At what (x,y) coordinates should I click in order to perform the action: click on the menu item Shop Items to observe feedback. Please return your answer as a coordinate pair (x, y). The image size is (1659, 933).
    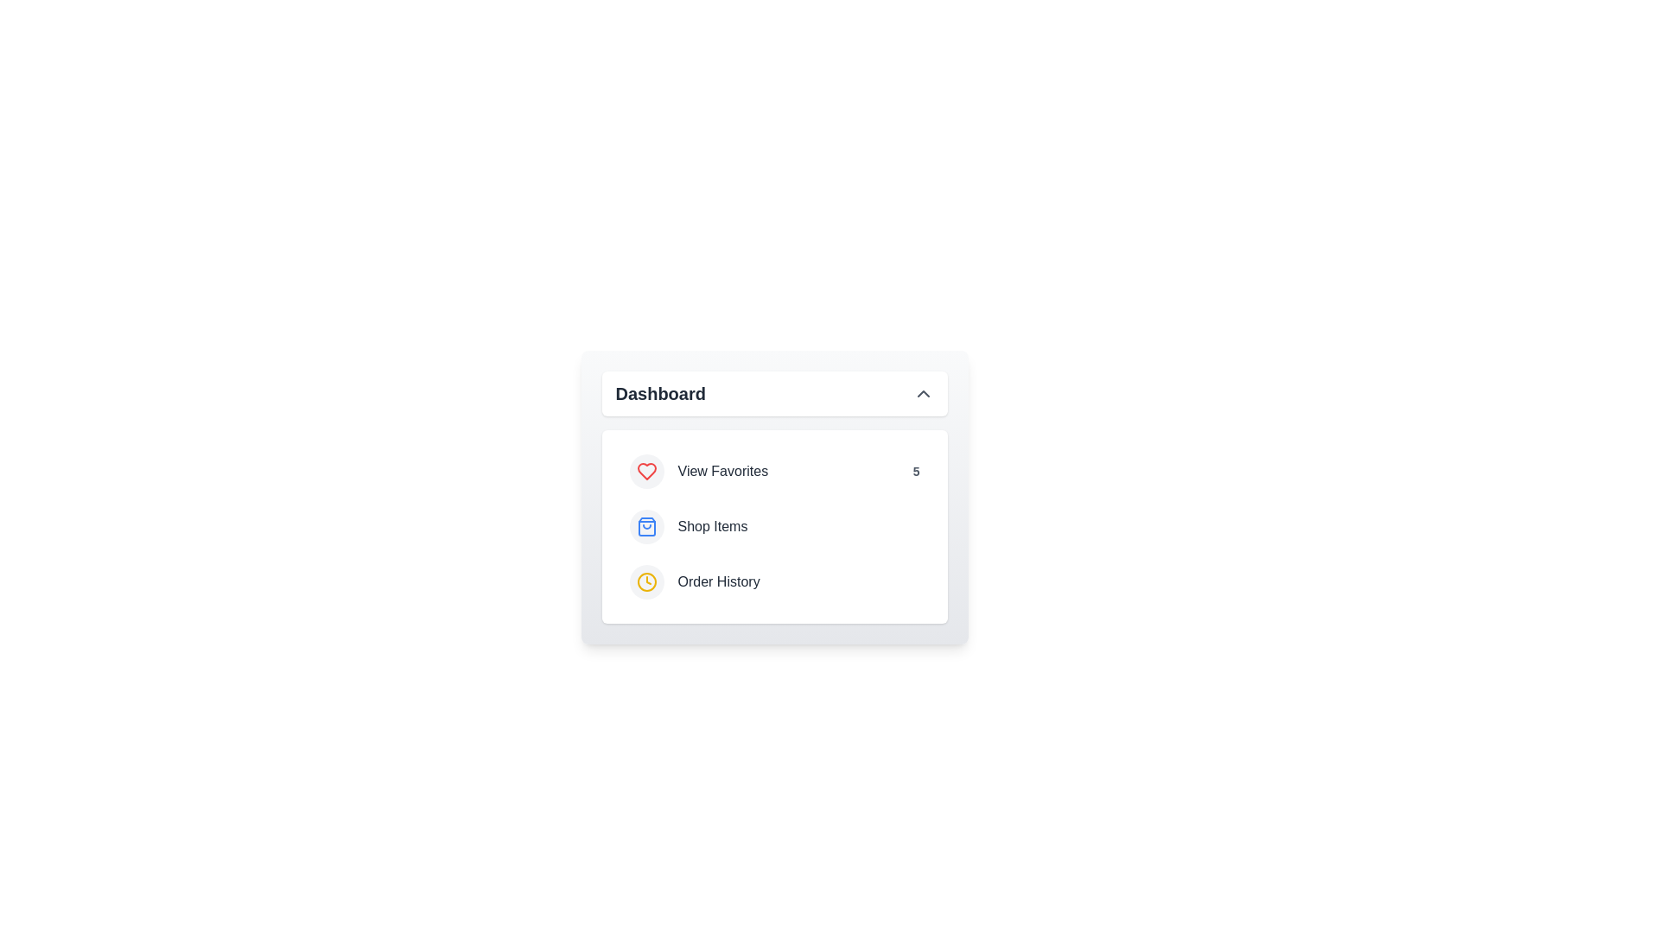
    Looking at the image, I should click on (773, 525).